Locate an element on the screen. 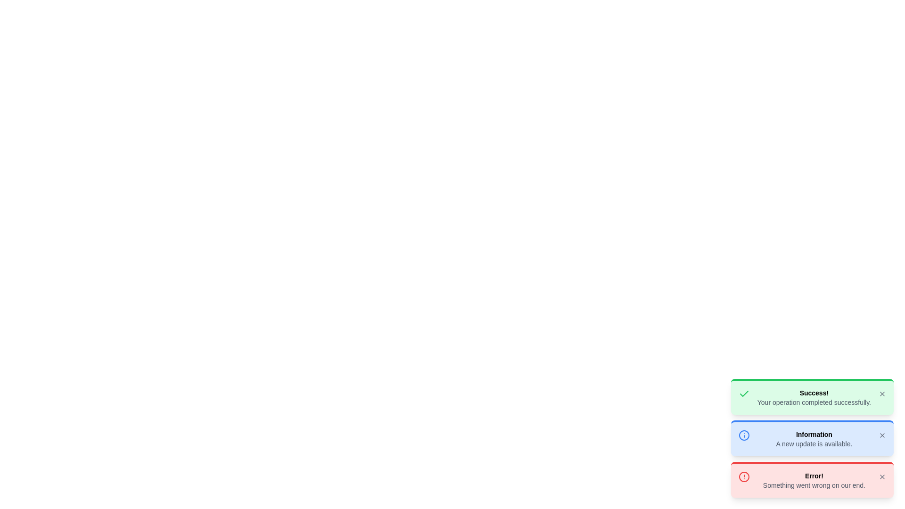 The image size is (905, 509). the gray 'X' icon-based button located at the top-right corner of the second notification card with a blue background is located at coordinates (882, 435).